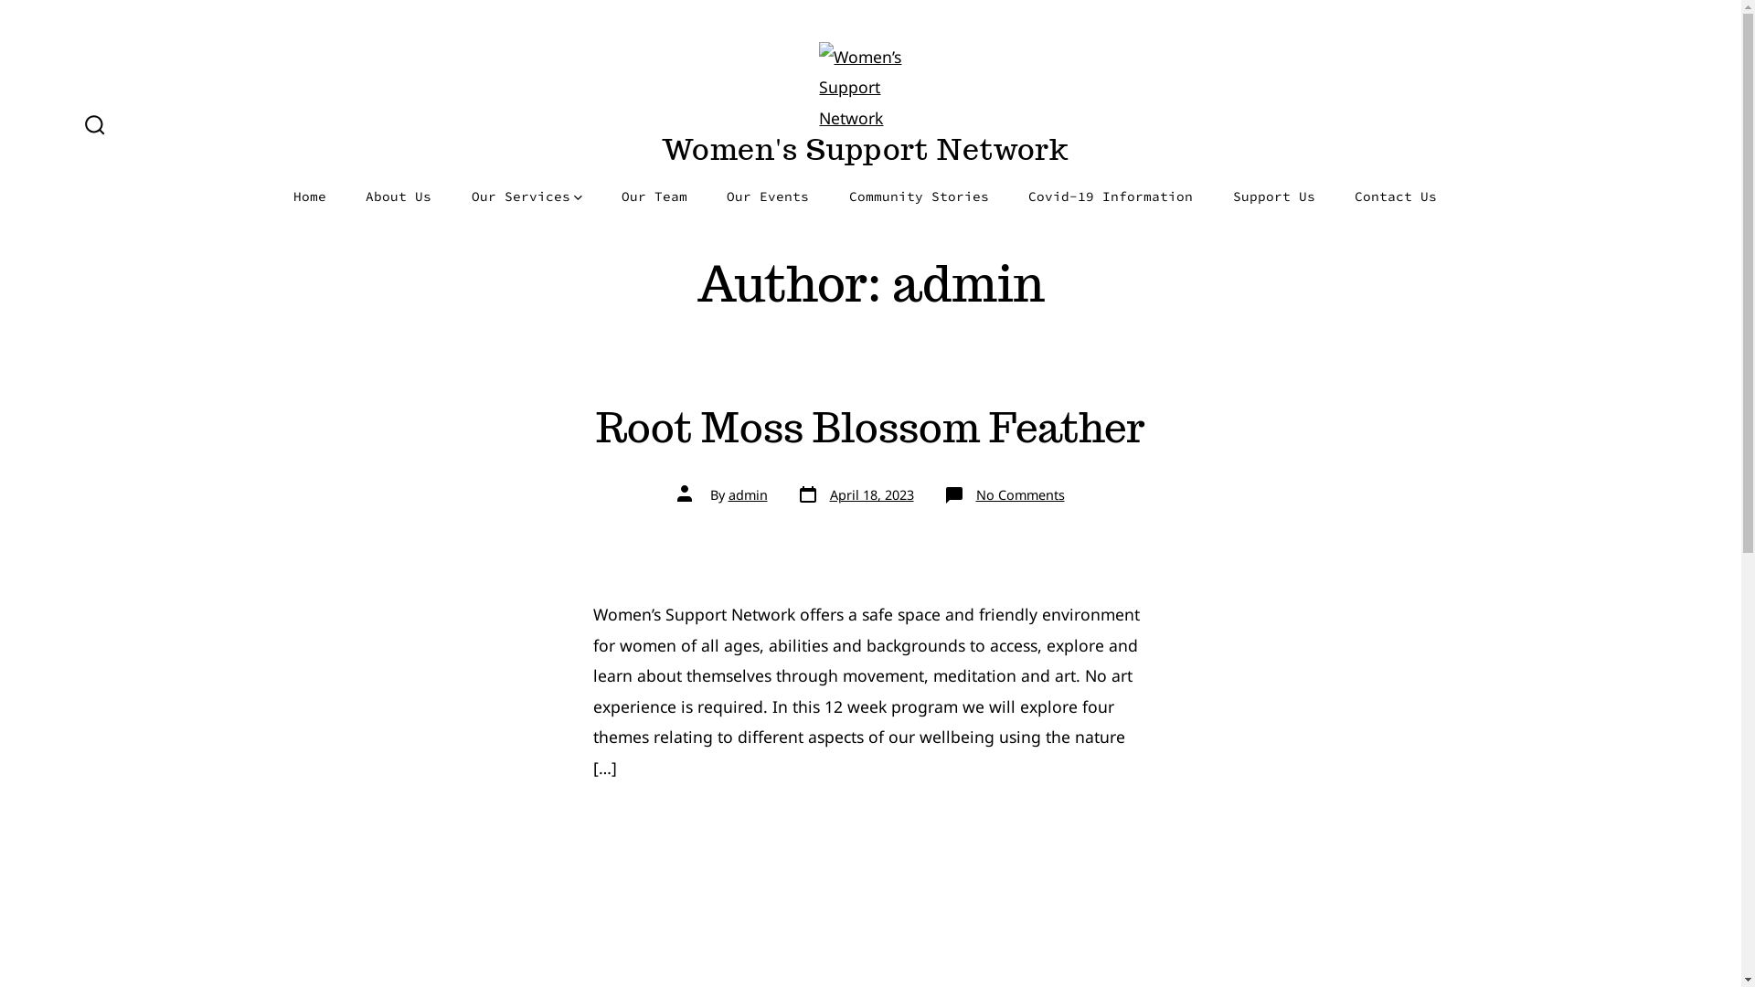 Image resolution: width=1755 pixels, height=987 pixels. What do you see at coordinates (855, 495) in the screenshot?
I see `'Post date` at bounding box center [855, 495].